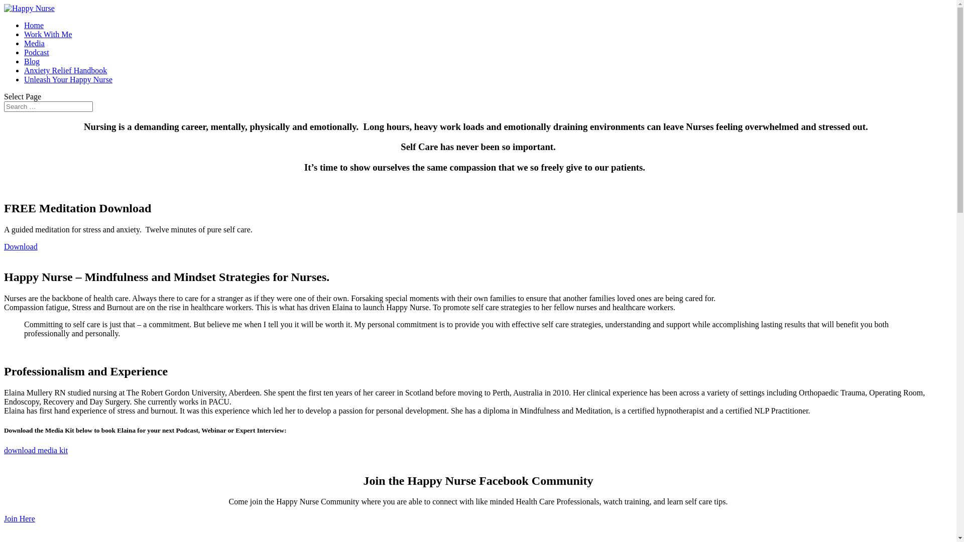 This screenshot has height=542, width=964. What do you see at coordinates (4, 518) in the screenshot?
I see `'Join Here'` at bounding box center [4, 518].